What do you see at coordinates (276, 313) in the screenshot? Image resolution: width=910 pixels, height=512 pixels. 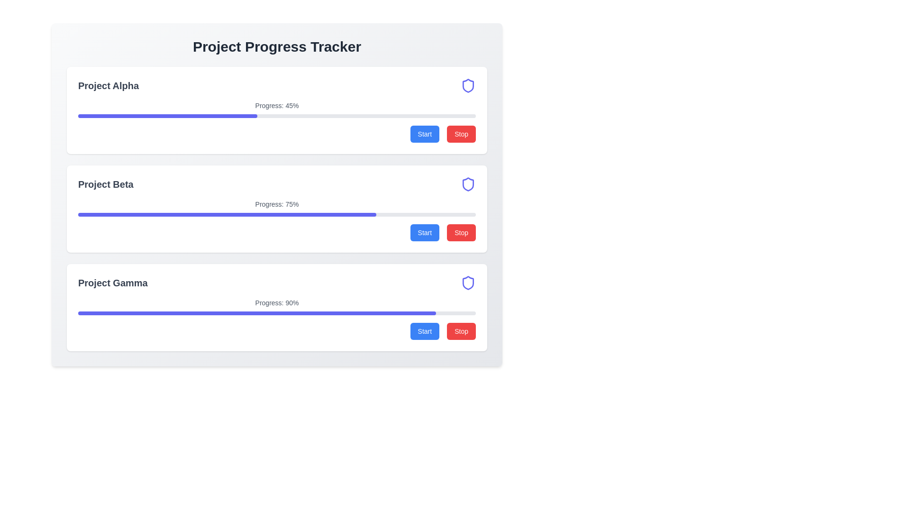 I see `the thin, horizontal progress bar located within the 'Project Gamma' card, which has a gray background and a blue-filled portion representing the progress` at bounding box center [276, 313].